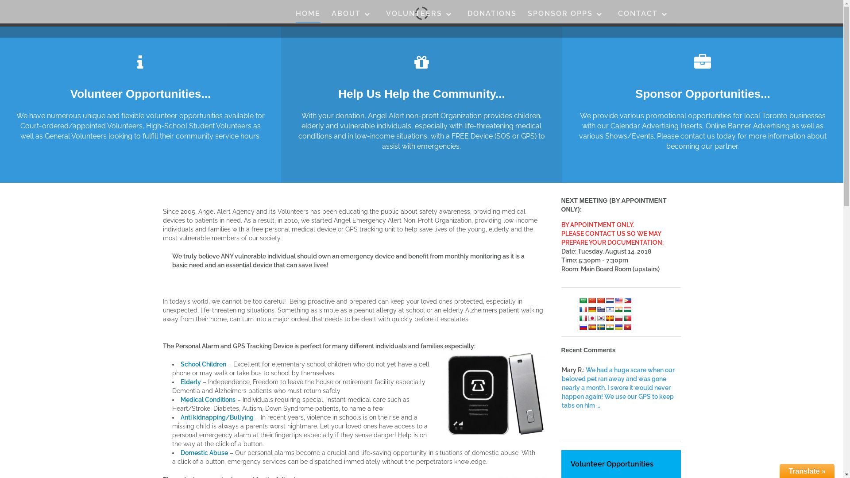  Describe the element at coordinates (583, 326) in the screenshot. I see `'Russian'` at that location.